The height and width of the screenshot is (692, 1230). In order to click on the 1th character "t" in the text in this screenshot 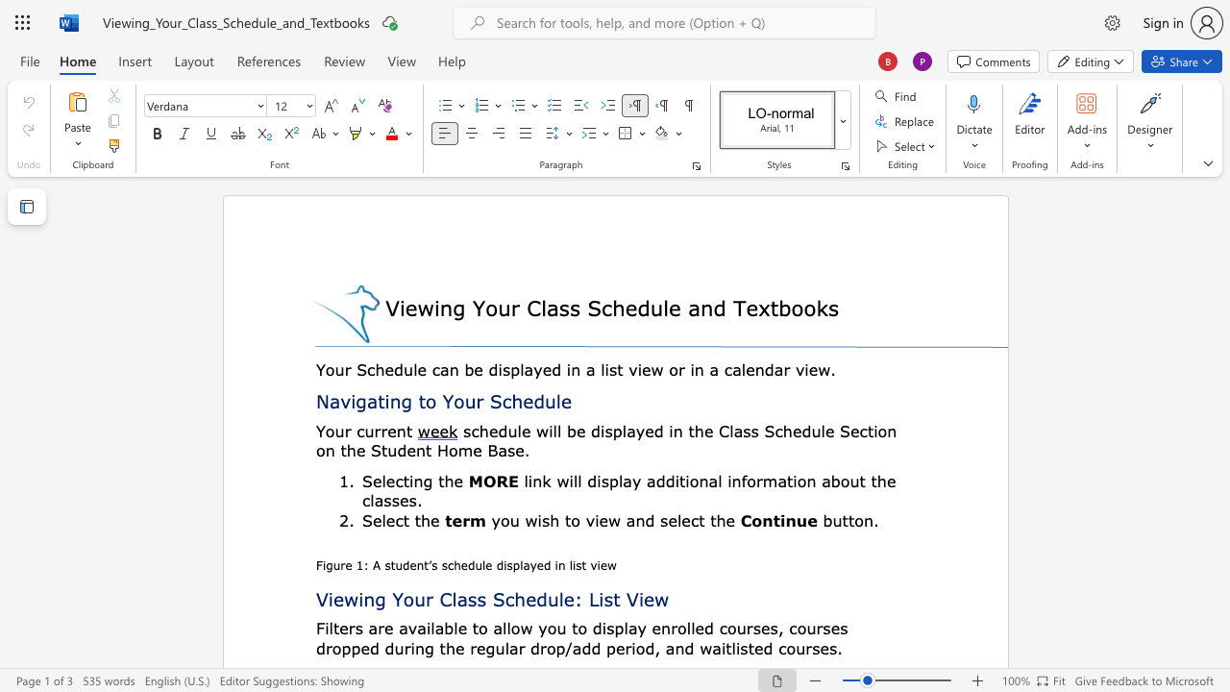, I will do `click(405, 480)`.